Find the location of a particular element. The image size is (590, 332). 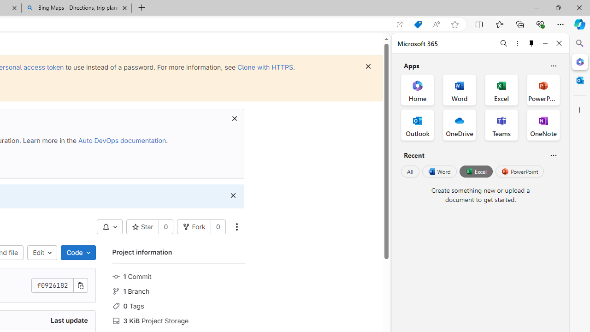

'Code' is located at coordinates (78, 252).